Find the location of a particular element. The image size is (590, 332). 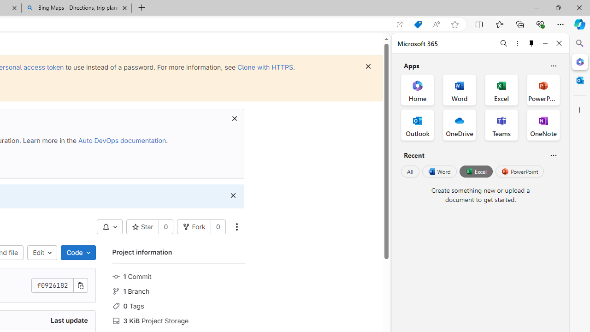

'Code' is located at coordinates (78, 252).